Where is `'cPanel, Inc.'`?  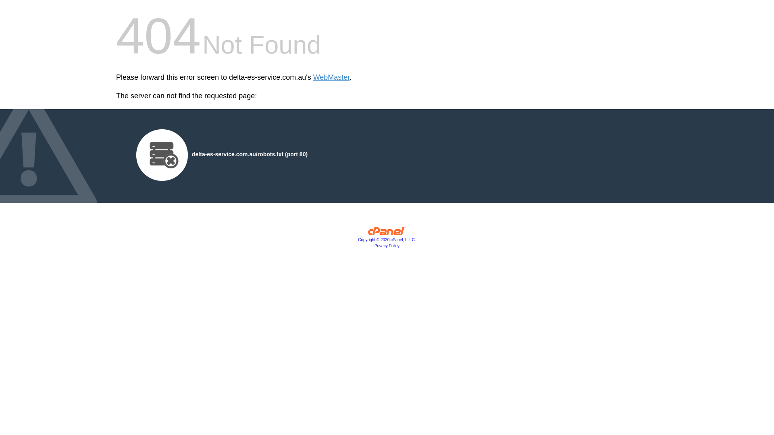
'cPanel, Inc.' is located at coordinates (387, 233).